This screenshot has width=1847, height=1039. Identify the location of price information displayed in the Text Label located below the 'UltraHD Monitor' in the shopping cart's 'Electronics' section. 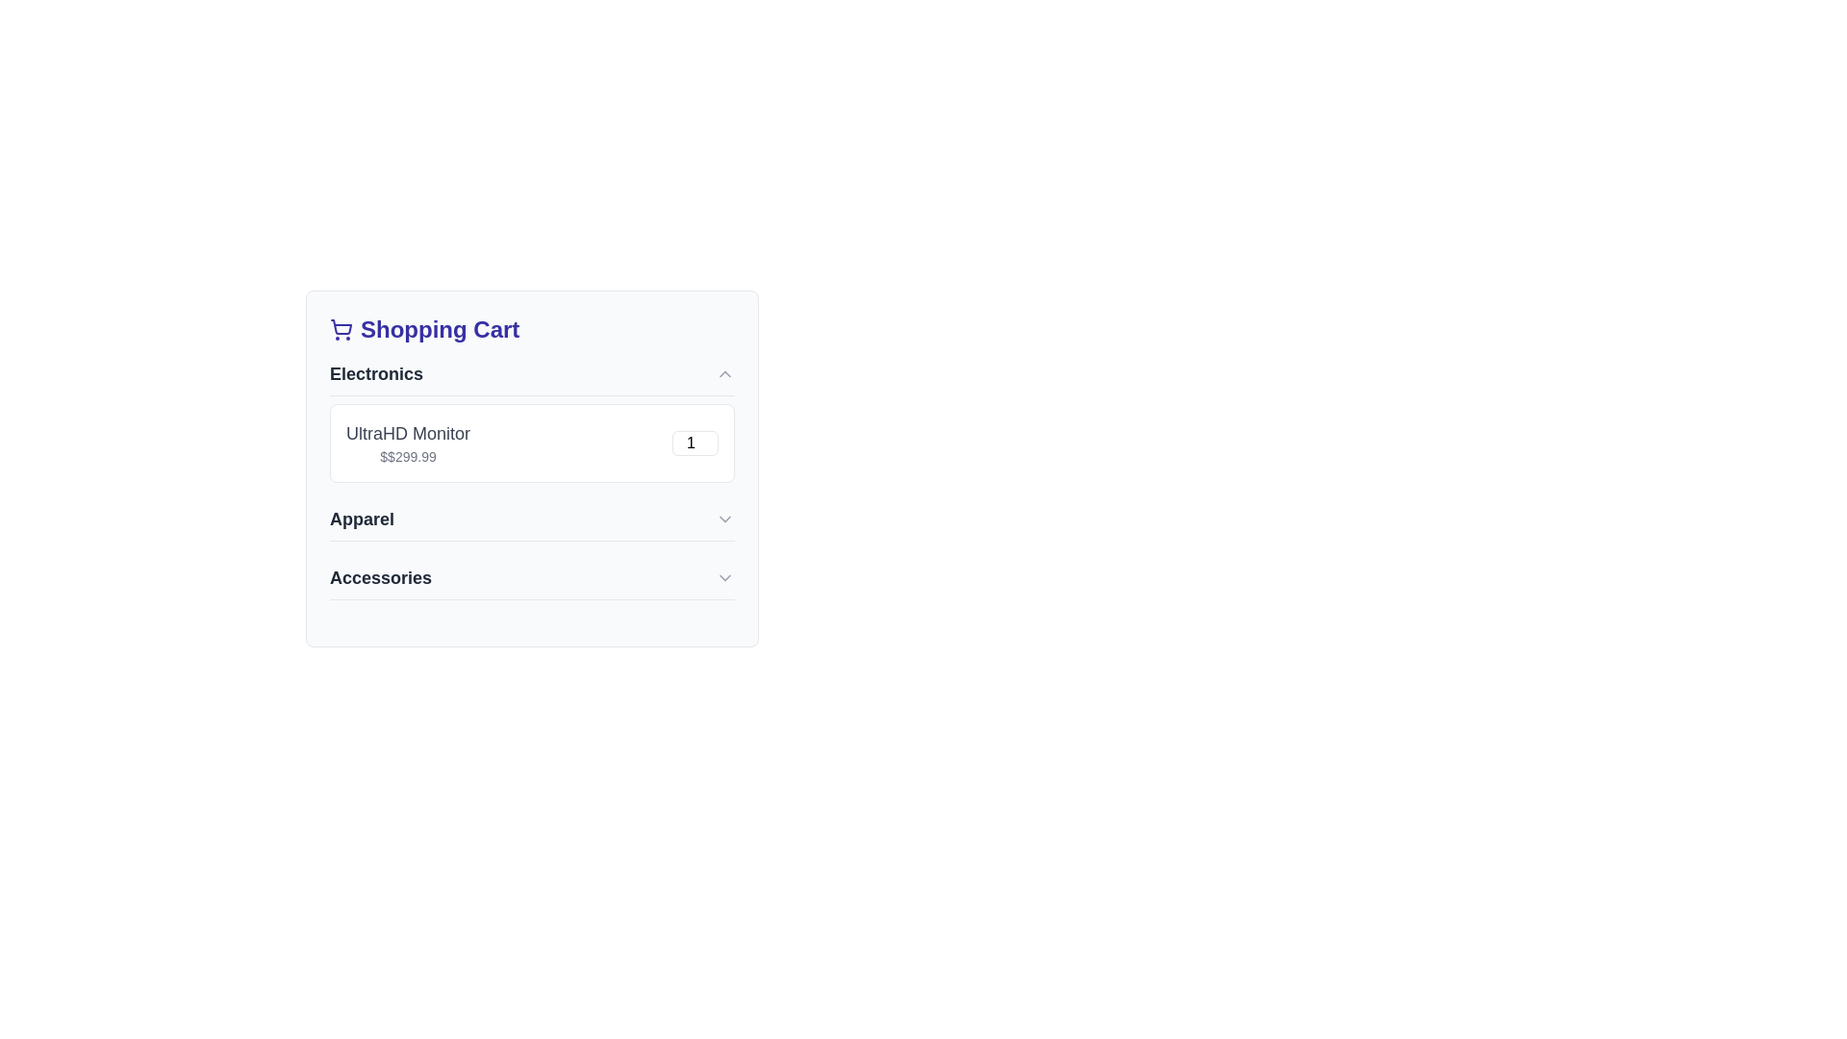
(407, 456).